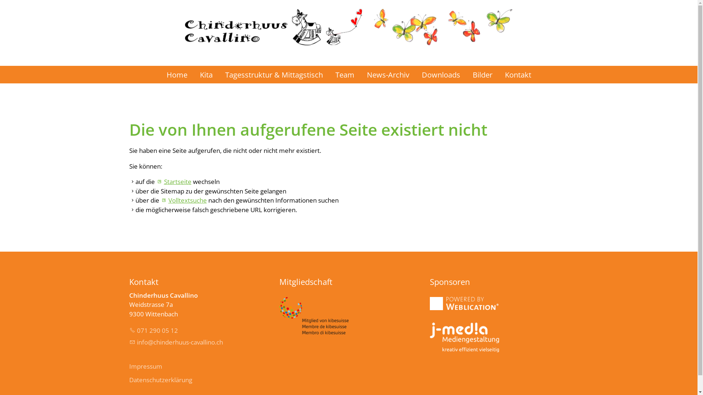 This screenshot has width=703, height=395. I want to click on 'Zur Startseite', so click(348, 22).